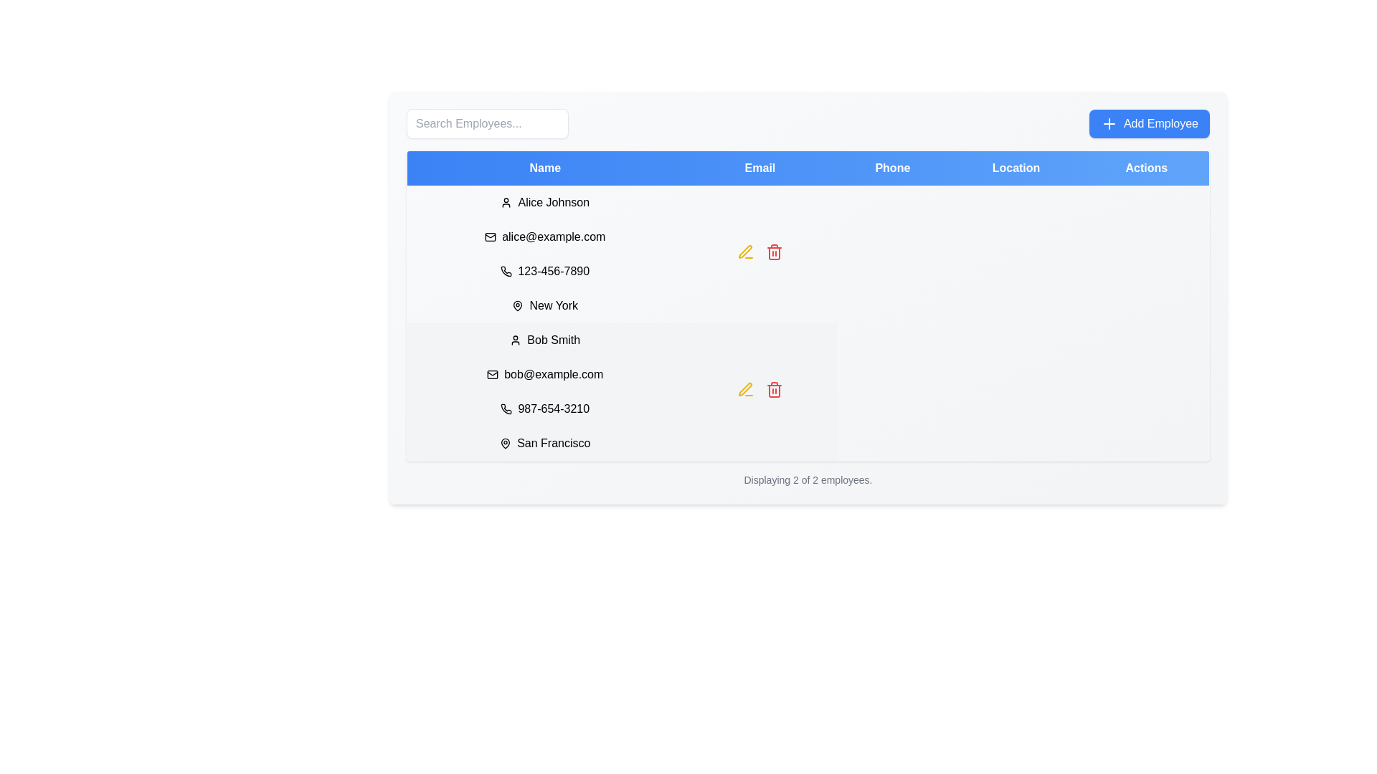 Image resolution: width=1377 pixels, height=774 pixels. What do you see at coordinates (544, 305) in the screenshot?
I see `the 'New York' text with pin icon located in the fourth row under the 'Location' column of the table, which follows the details of 'Alice Johnson'` at bounding box center [544, 305].